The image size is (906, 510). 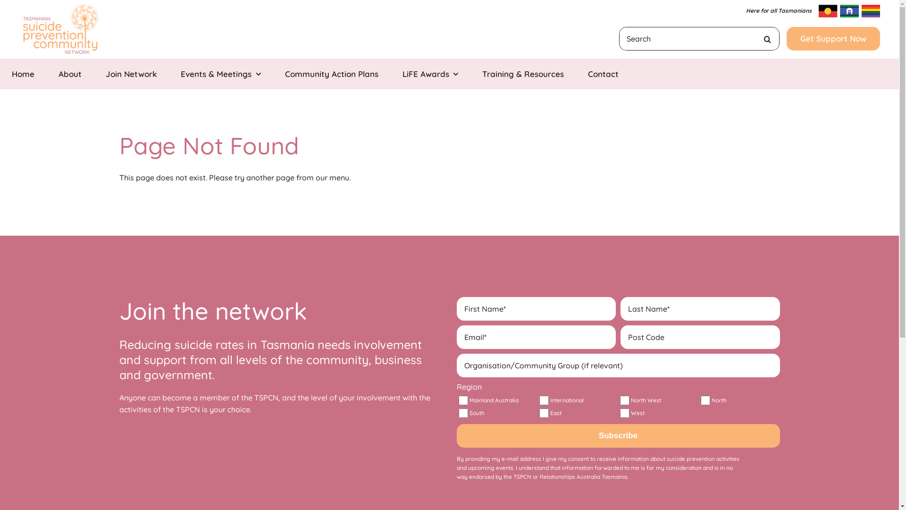 What do you see at coordinates (23, 73) in the screenshot?
I see `'Home'` at bounding box center [23, 73].